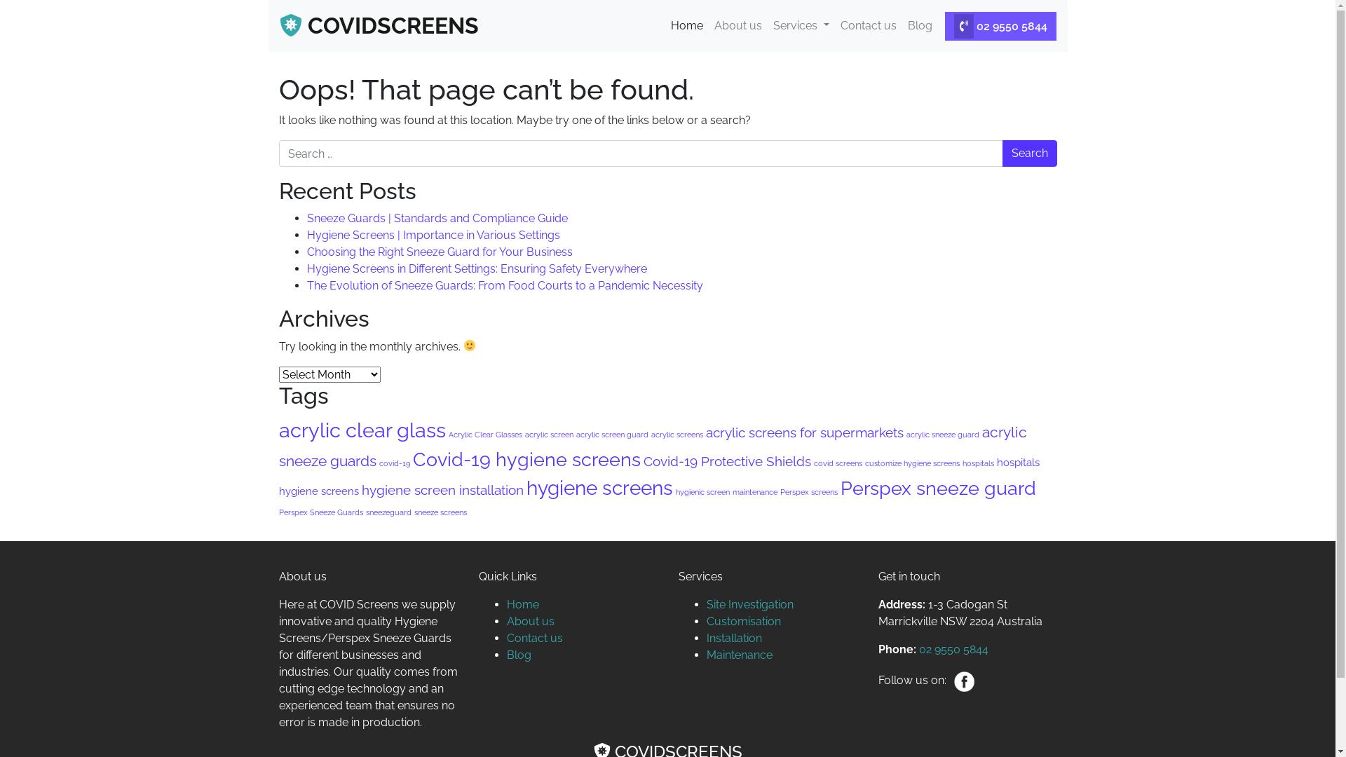 Image resolution: width=1346 pixels, height=757 pixels. What do you see at coordinates (1000, 25) in the screenshot?
I see `'02 9550 5844'` at bounding box center [1000, 25].